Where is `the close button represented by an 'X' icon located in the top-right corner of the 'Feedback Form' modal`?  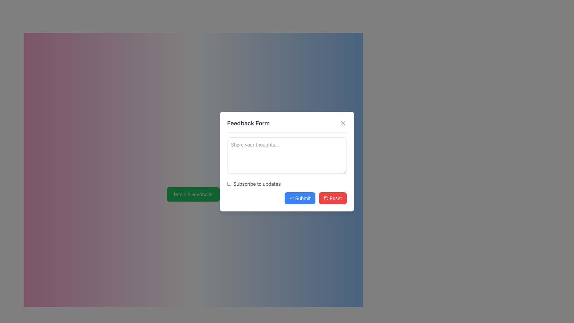 the close button represented by an 'X' icon located in the top-right corner of the 'Feedback Form' modal is located at coordinates (343, 123).